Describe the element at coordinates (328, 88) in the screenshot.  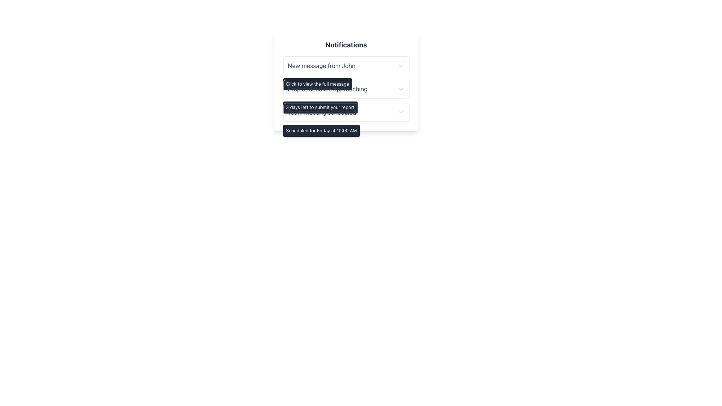
I see `the text label that serves as the notification title for an upcoming project deadline, located as the second item in a vertical list of notifications` at that location.